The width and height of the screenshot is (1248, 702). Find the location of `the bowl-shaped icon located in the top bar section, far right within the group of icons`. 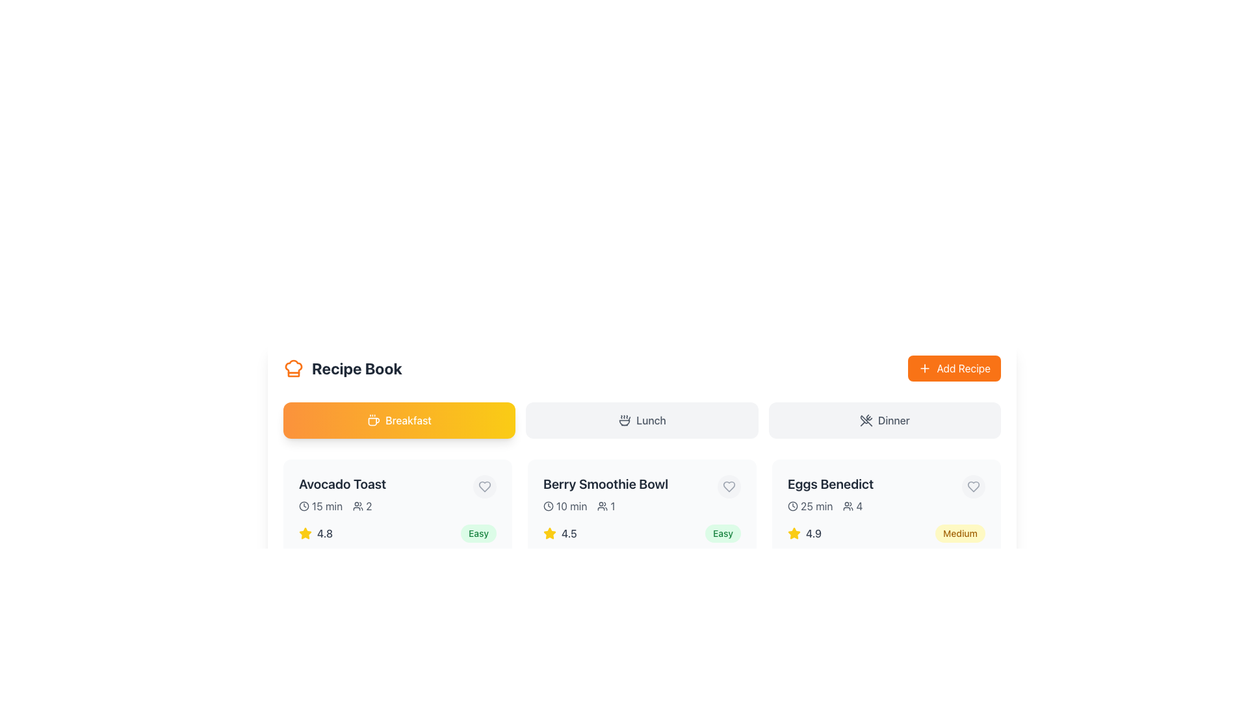

the bowl-shaped icon located in the top bar section, far right within the group of icons is located at coordinates (625, 422).